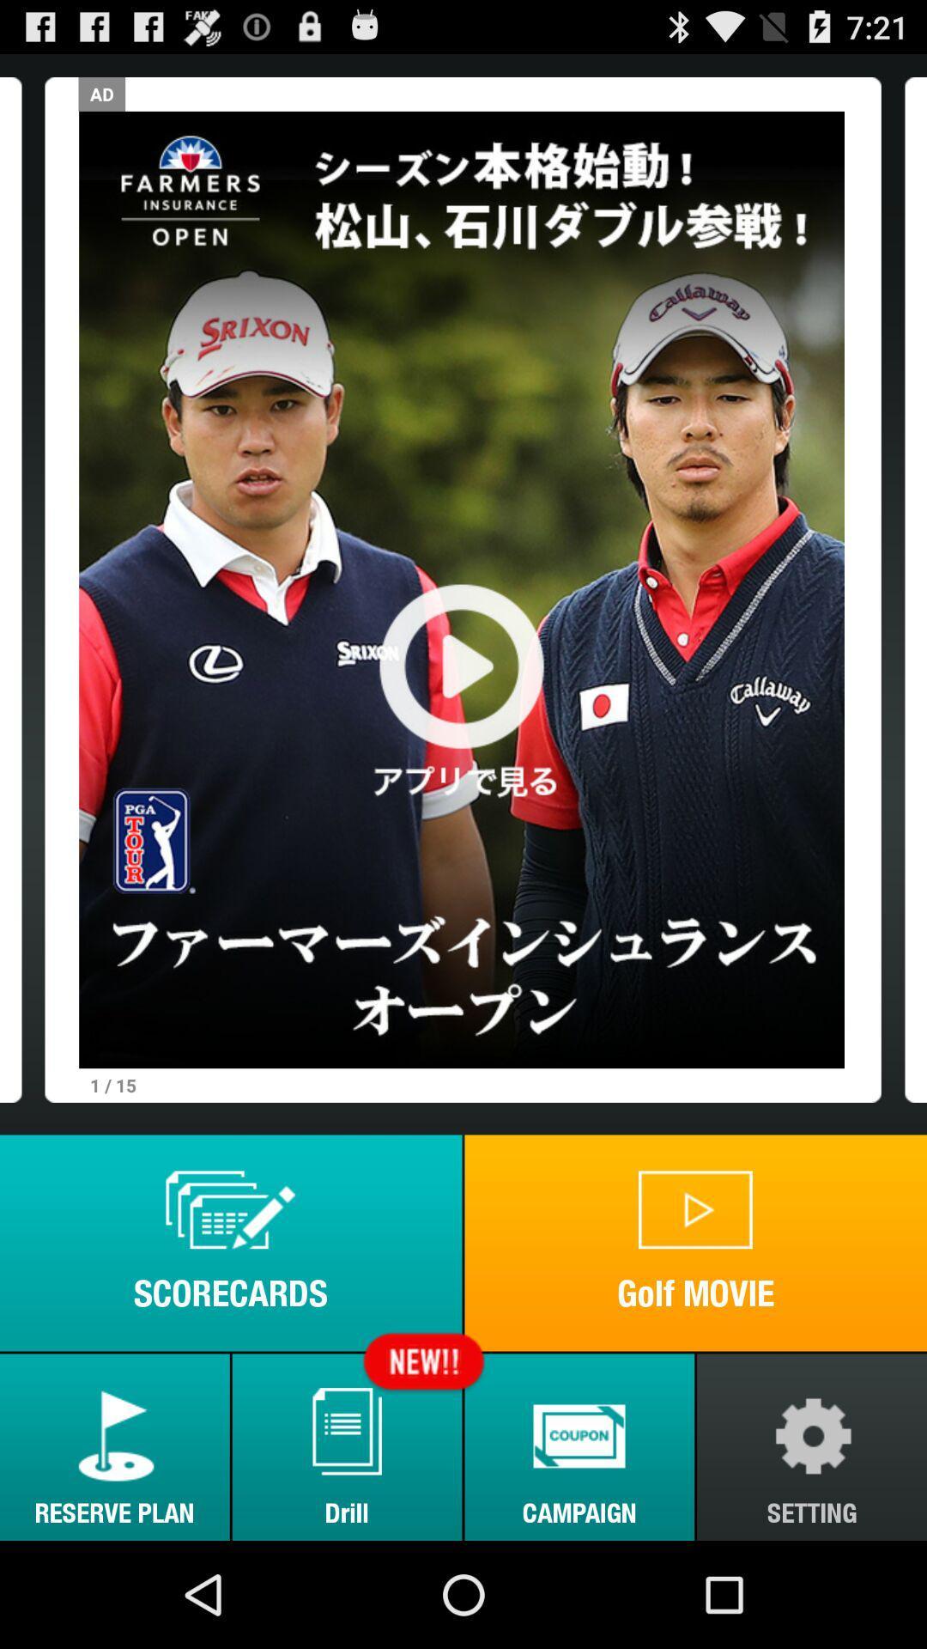  Describe the element at coordinates (461, 589) in the screenshot. I see `plat button` at that location.